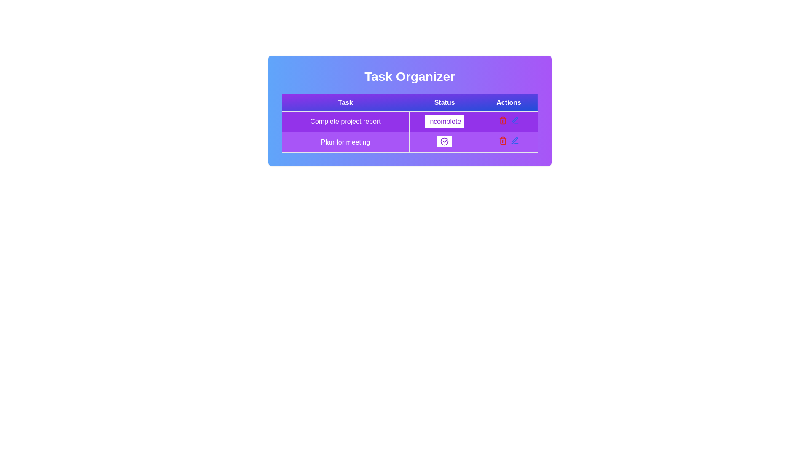  Describe the element at coordinates (410, 131) in the screenshot. I see `the Composite Table Cell located in the second section beneath the header row of the table` at that location.